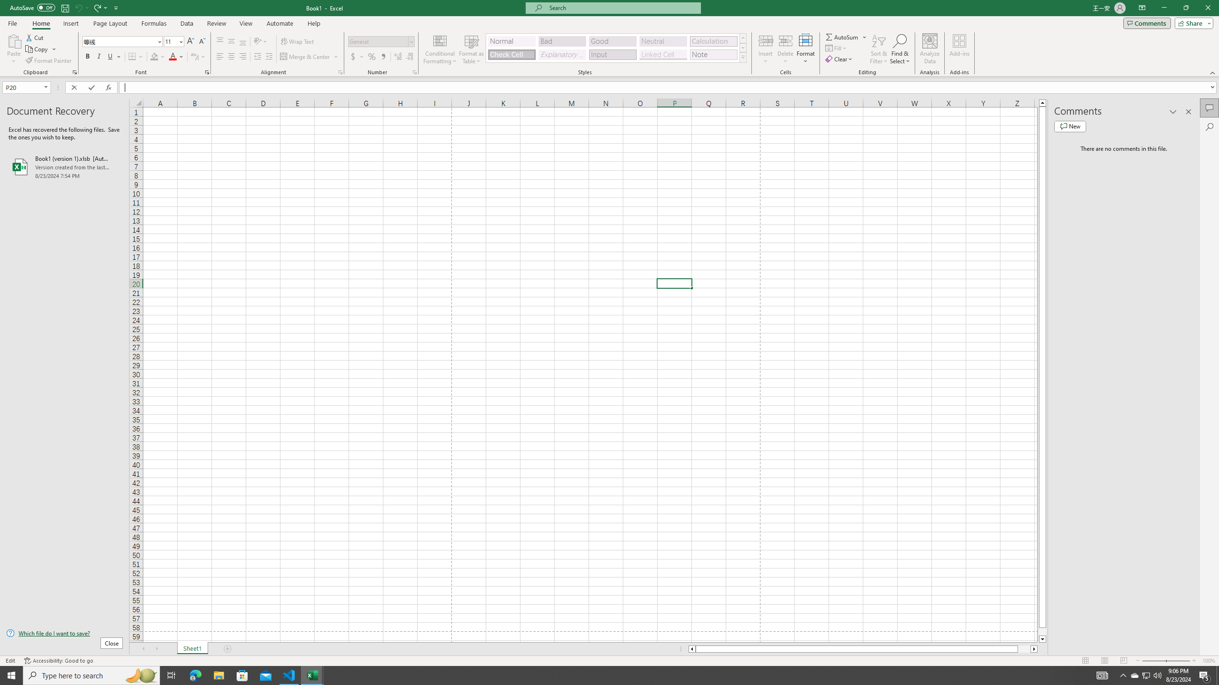  Describe the element at coordinates (691, 648) in the screenshot. I see `'Column left'` at that location.